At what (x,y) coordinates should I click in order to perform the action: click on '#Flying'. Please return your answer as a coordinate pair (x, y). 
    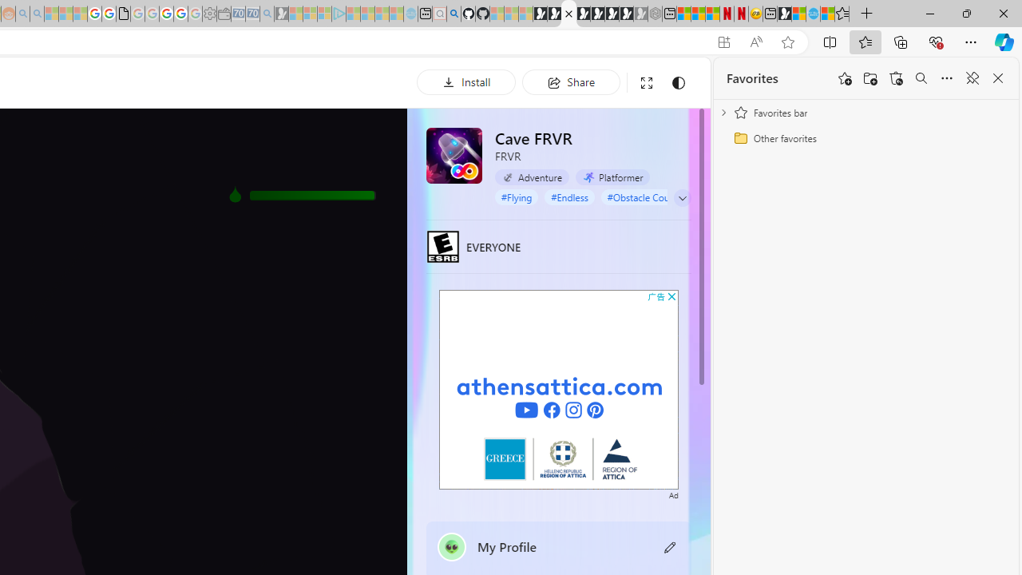
    Looking at the image, I should click on (517, 196).